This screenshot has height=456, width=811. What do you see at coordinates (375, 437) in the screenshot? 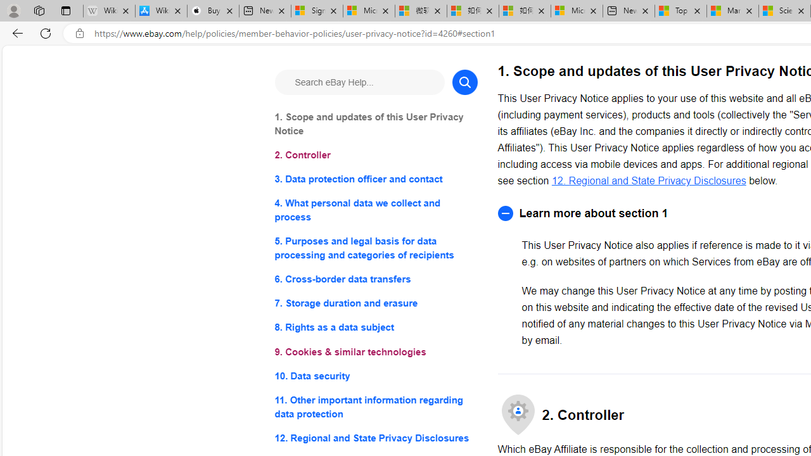
I see `'12. Regional and State Privacy Disclosures'` at bounding box center [375, 437].